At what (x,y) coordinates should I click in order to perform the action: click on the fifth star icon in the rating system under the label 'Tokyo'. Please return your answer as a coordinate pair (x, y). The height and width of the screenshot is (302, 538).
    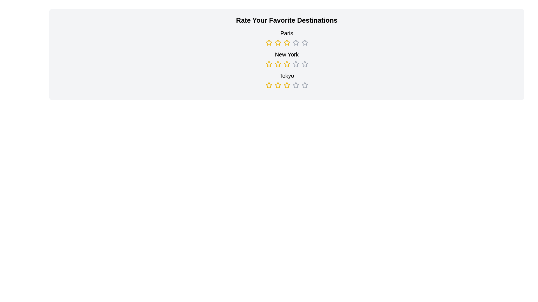
    Looking at the image, I should click on (304, 85).